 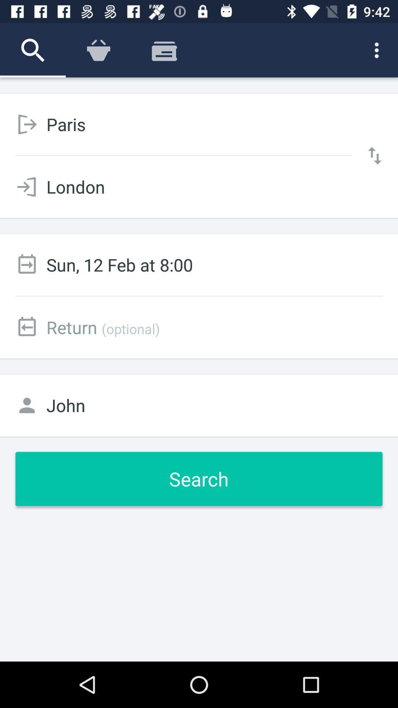 I want to click on the swap icon, so click(x=375, y=155).